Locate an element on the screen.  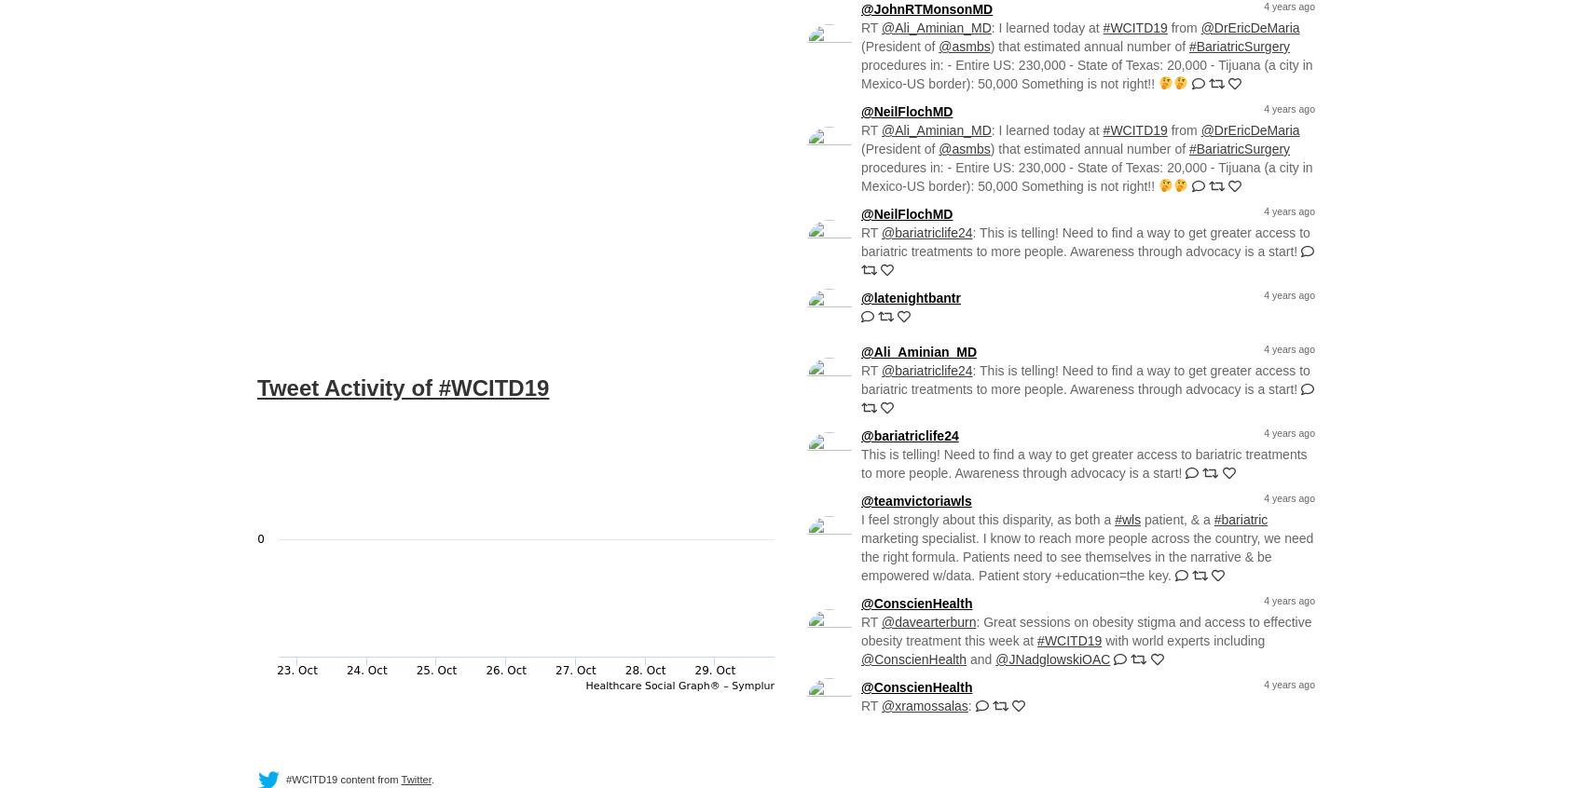
'patient, & a' is located at coordinates (1177, 520).